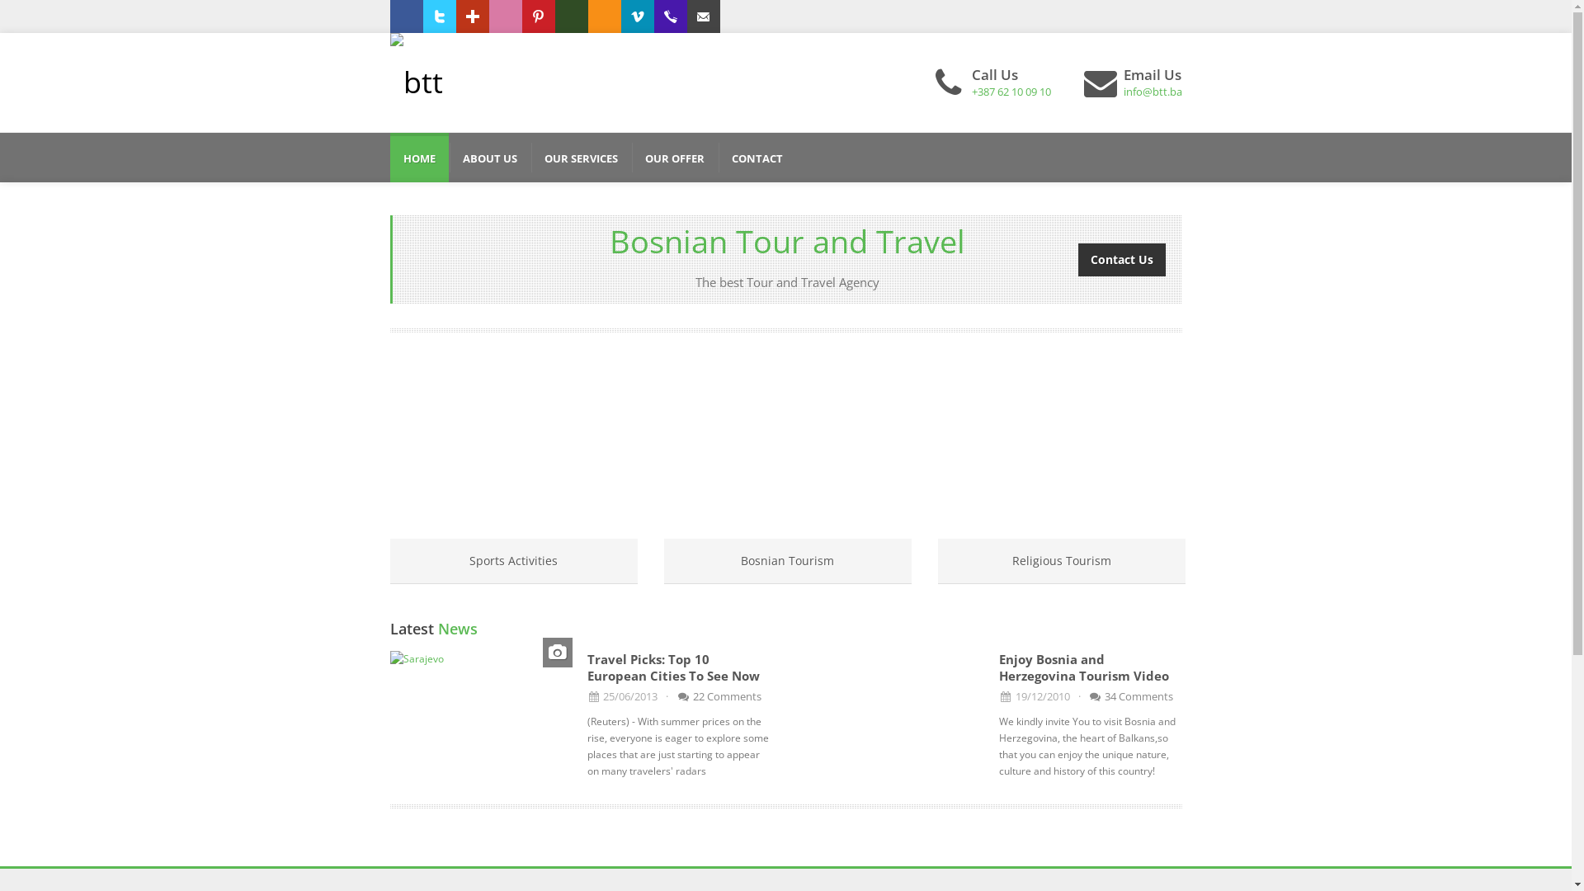 The height and width of the screenshot is (891, 1584). I want to click on 'ABOUT US', so click(488, 158).